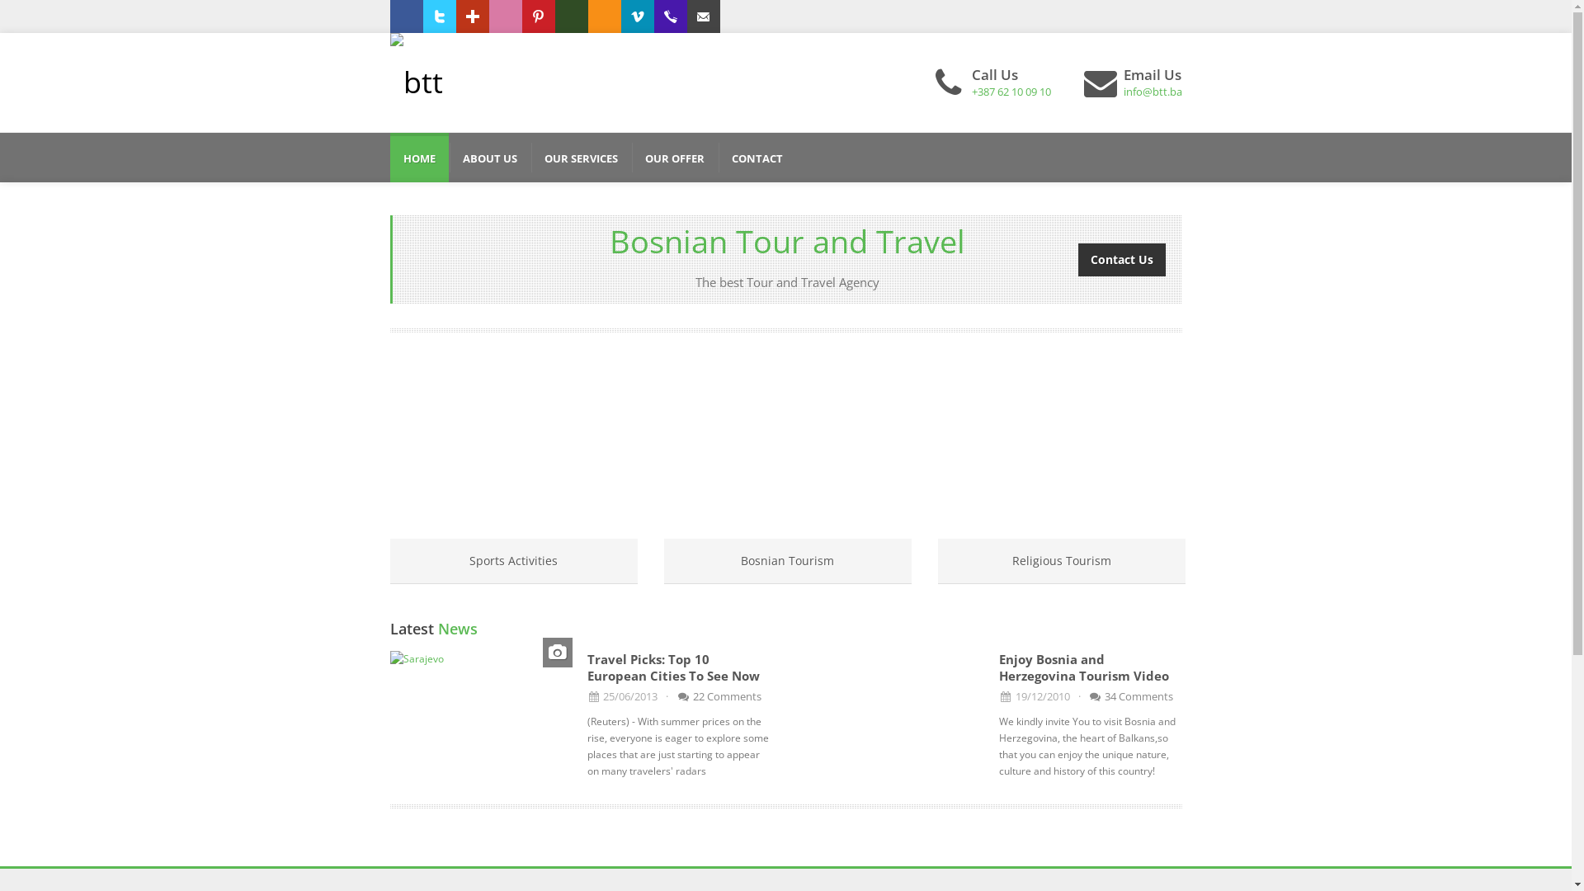 The height and width of the screenshot is (891, 1584). I want to click on 'ABOUT US', so click(488, 158).